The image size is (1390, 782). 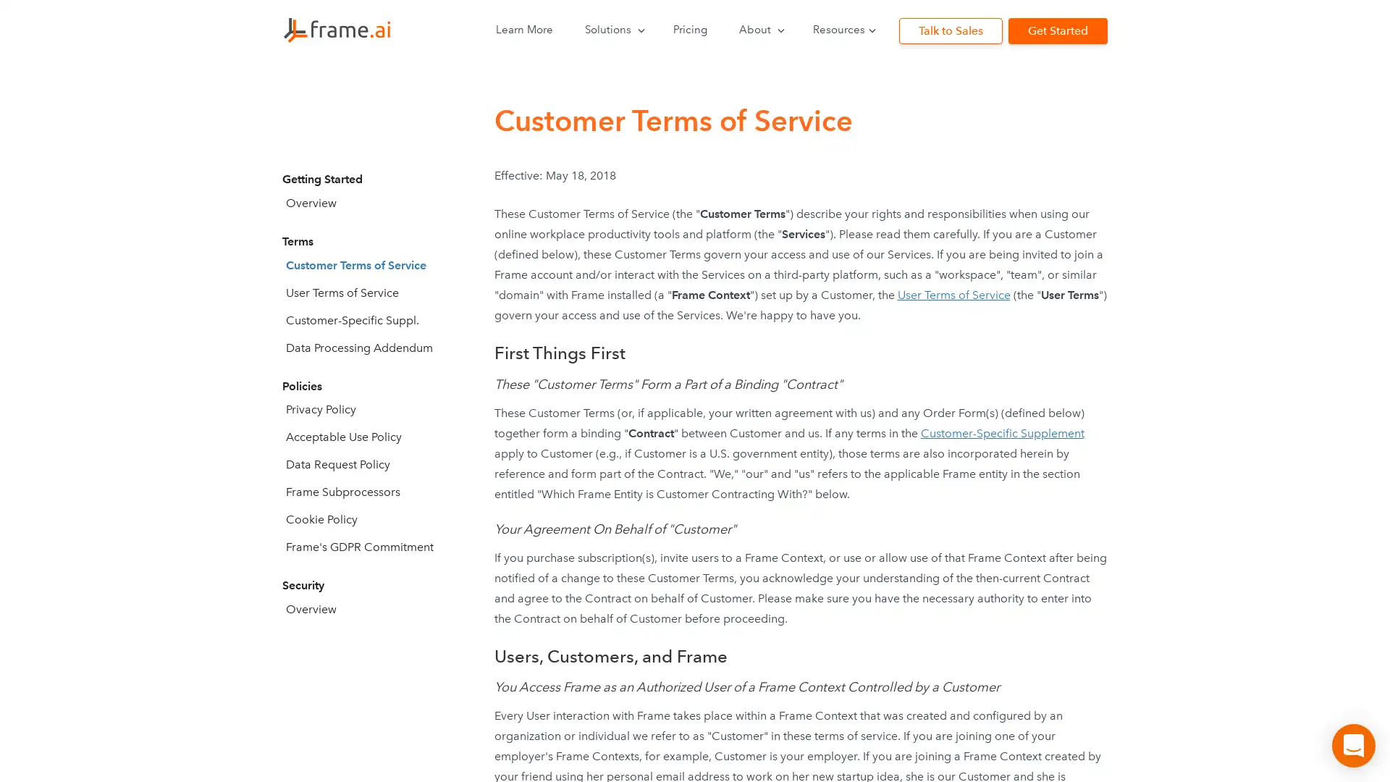 What do you see at coordinates (1353, 745) in the screenshot?
I see `Open Intercom Messenger` at bounding box center [1353, 745].